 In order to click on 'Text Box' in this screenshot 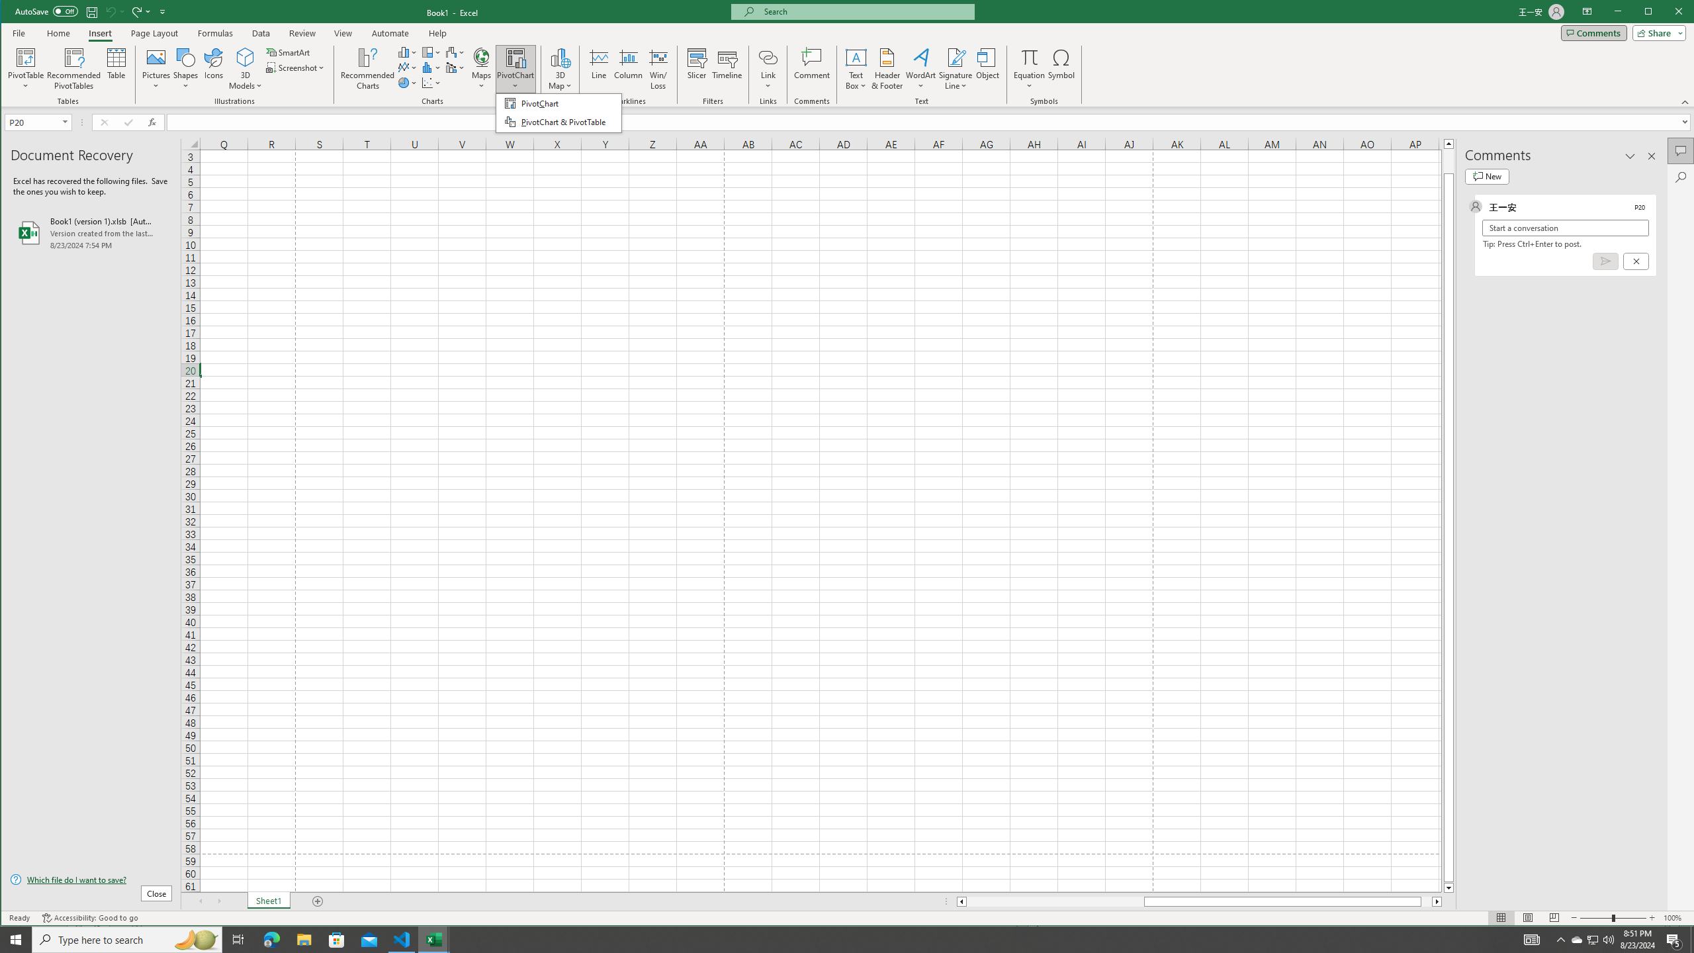, I will do `click(856, 68)`.